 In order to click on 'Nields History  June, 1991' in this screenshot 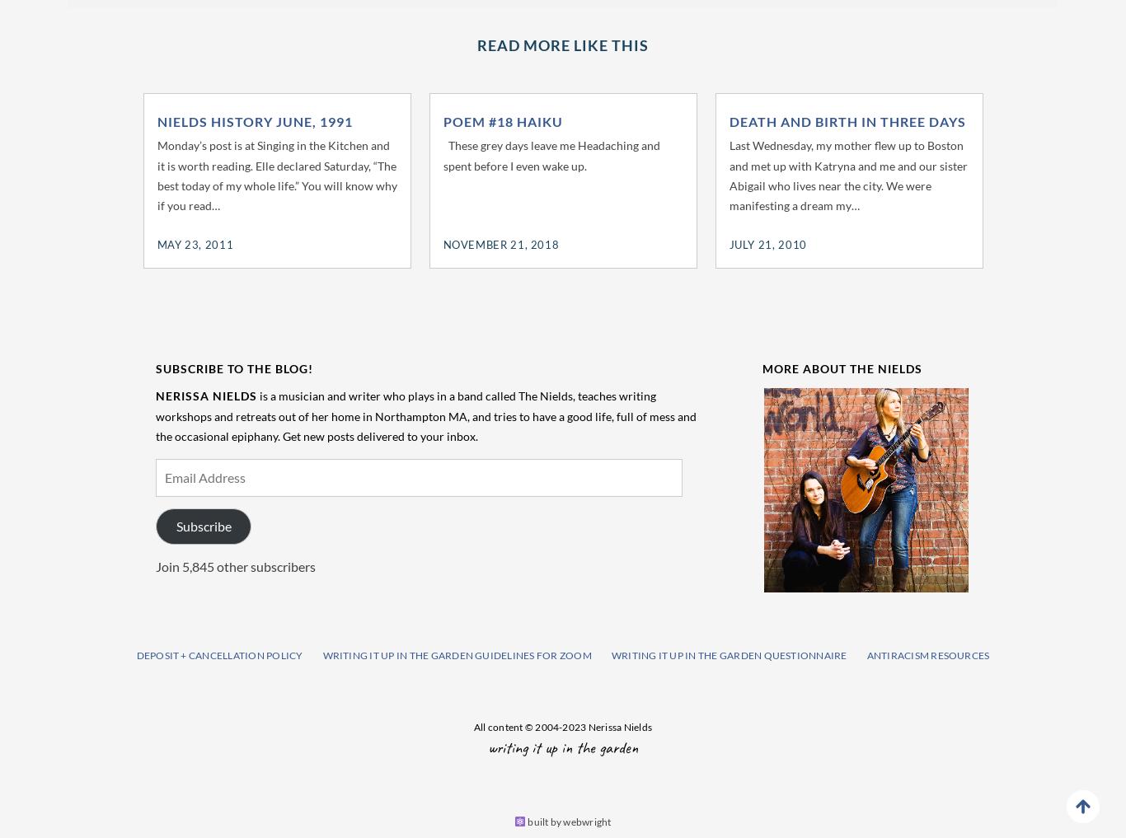, I will do `click(156, 119)`.